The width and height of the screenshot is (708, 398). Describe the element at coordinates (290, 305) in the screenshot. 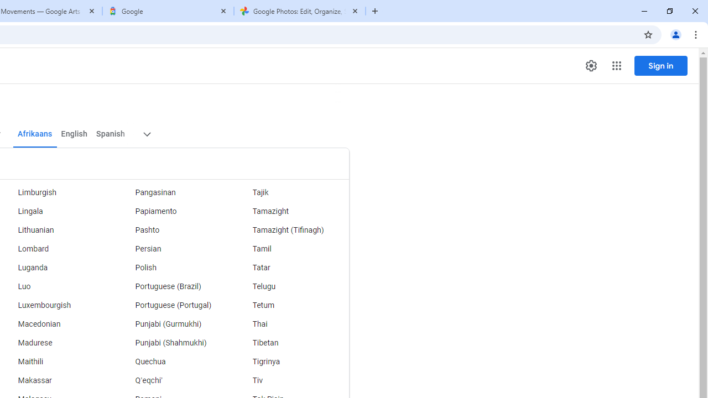

I see `'Tetum'` at that location.